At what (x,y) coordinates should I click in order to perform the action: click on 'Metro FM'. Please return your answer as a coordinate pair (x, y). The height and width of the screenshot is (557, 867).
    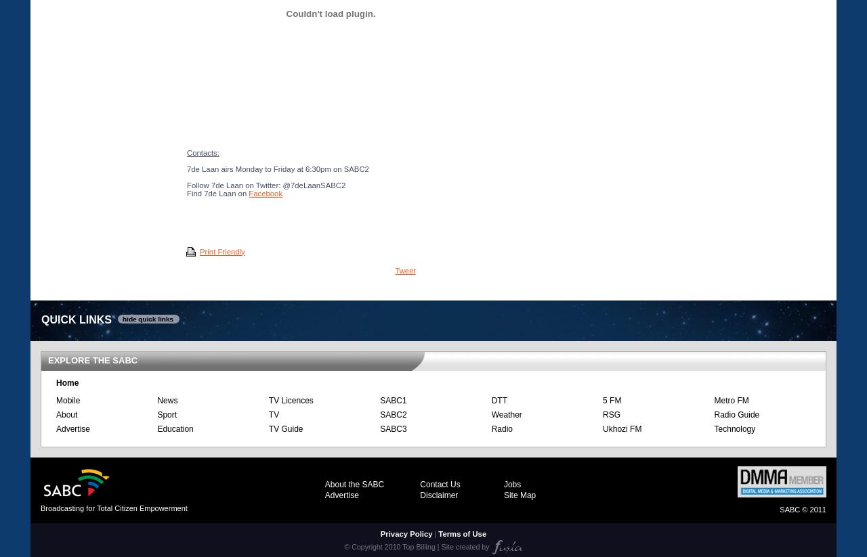
    Looking at the image, I should click on (713, 399).